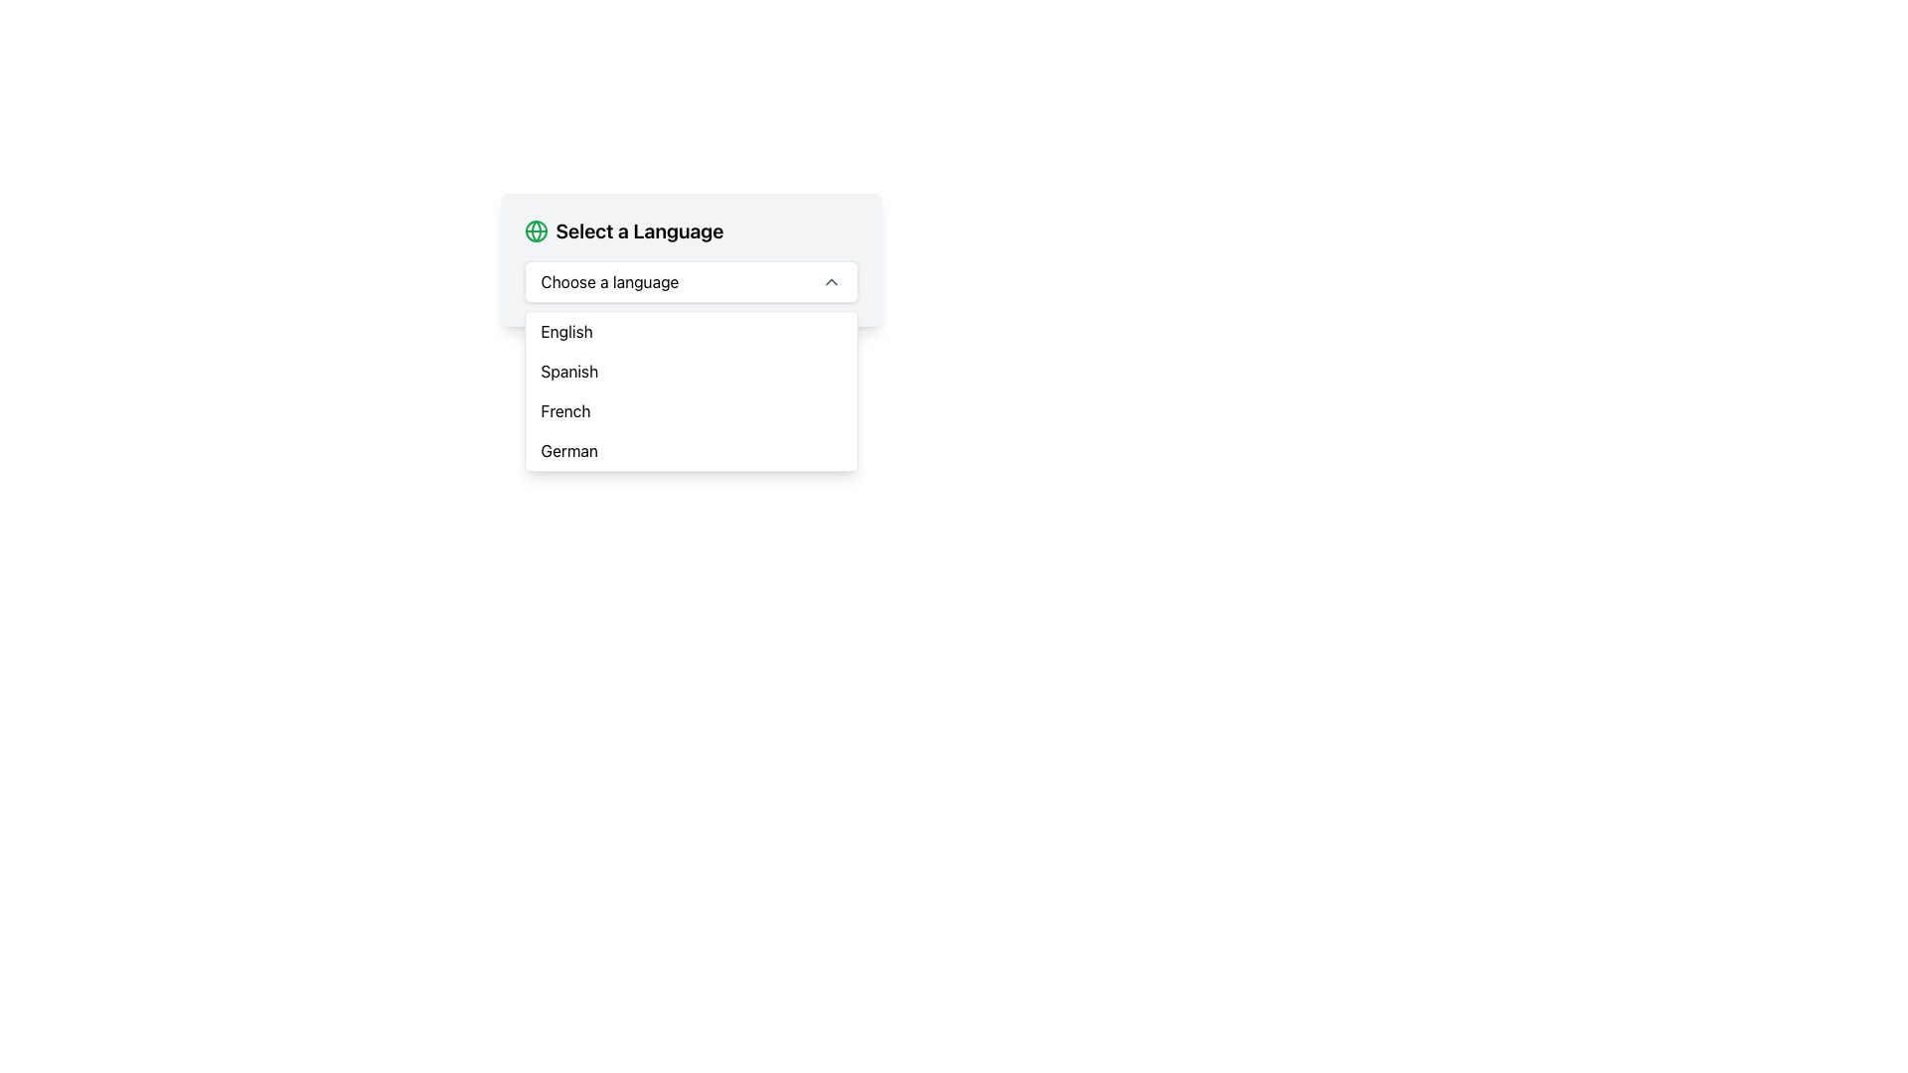 Image resolution: width=1908 pixels, height=1073 pixels. I want to click on to select the 'German' language option from the dropdown list under 'Select a Language', so click(568, 451).